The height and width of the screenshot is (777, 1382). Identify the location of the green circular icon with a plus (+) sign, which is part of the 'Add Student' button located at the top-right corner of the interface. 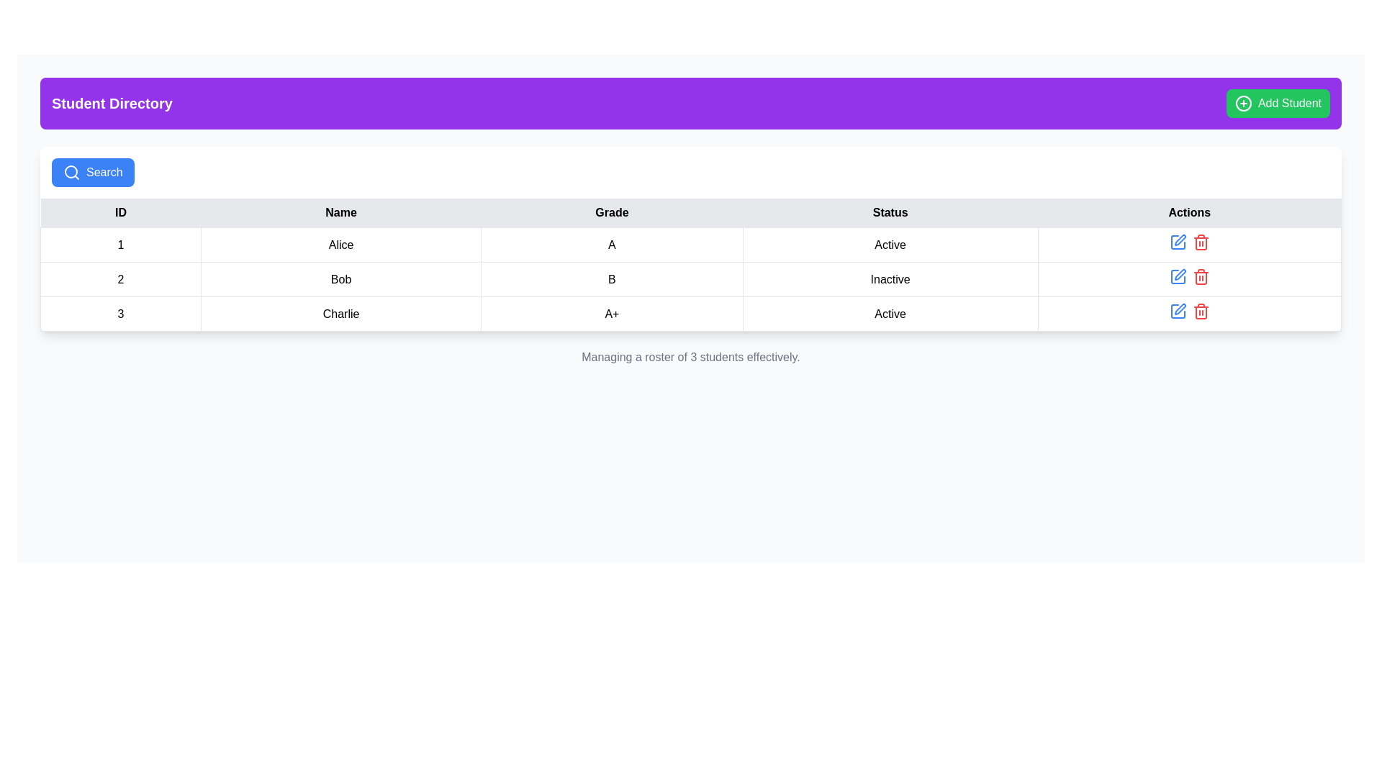
(1243, 102).